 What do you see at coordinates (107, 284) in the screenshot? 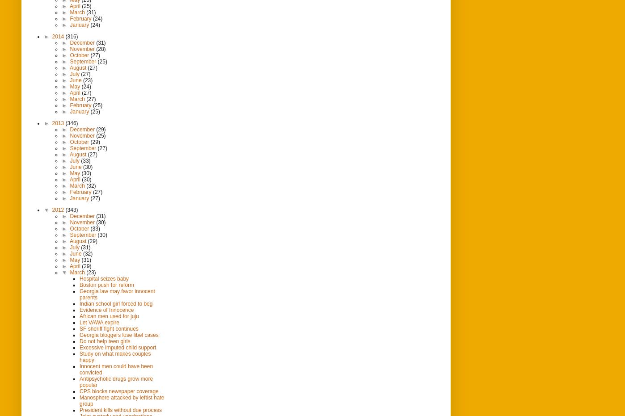
I see `'Boston push for reform'` at bounding box center [107, 284].